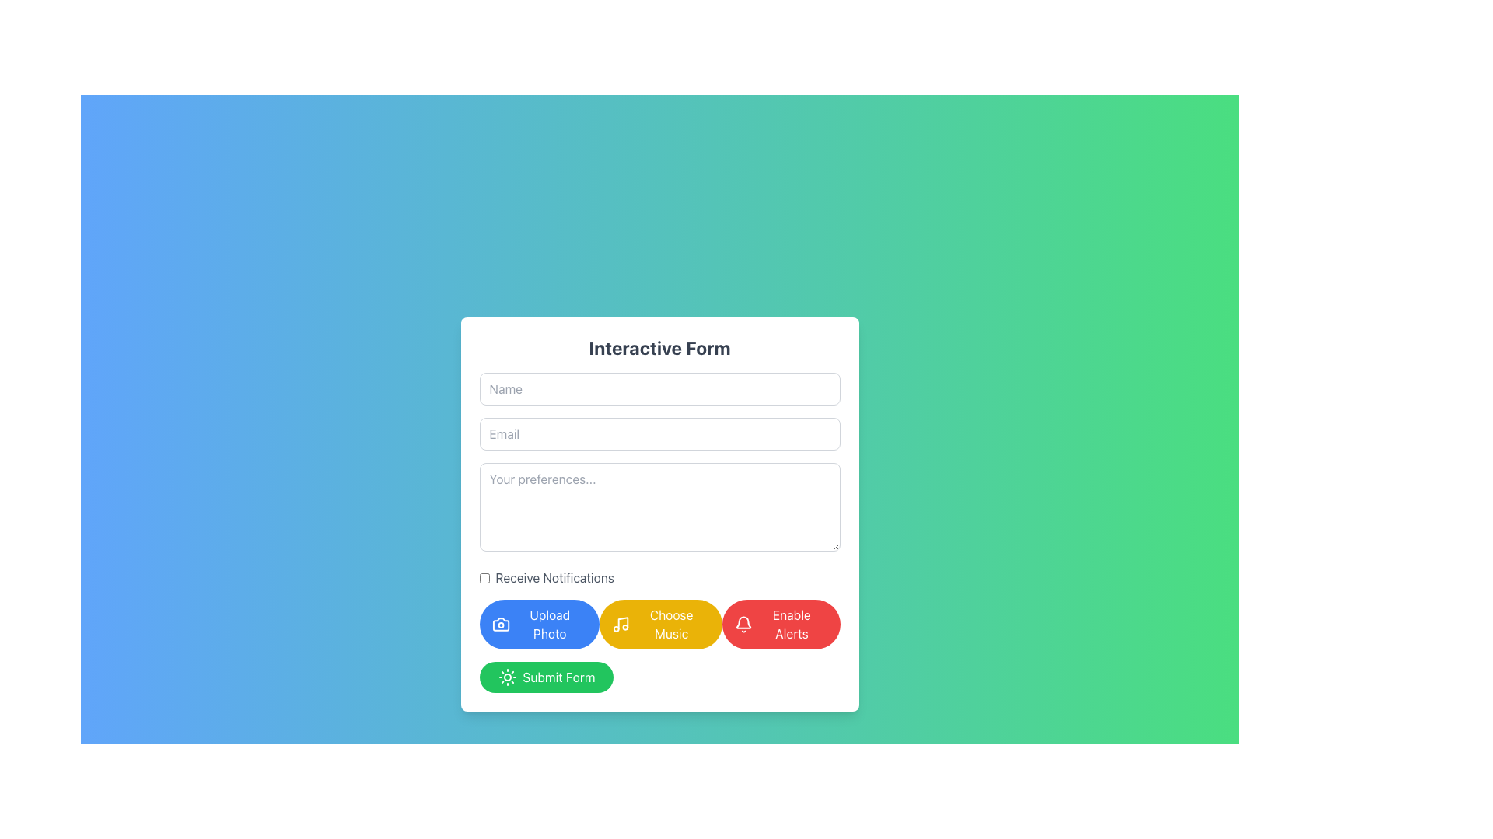  Describe the element at coordinates (484, 578) in the screenshot. I see `the checkbox for receiving notifications, located to the left of the label 'Receive Notifications'` at that location.